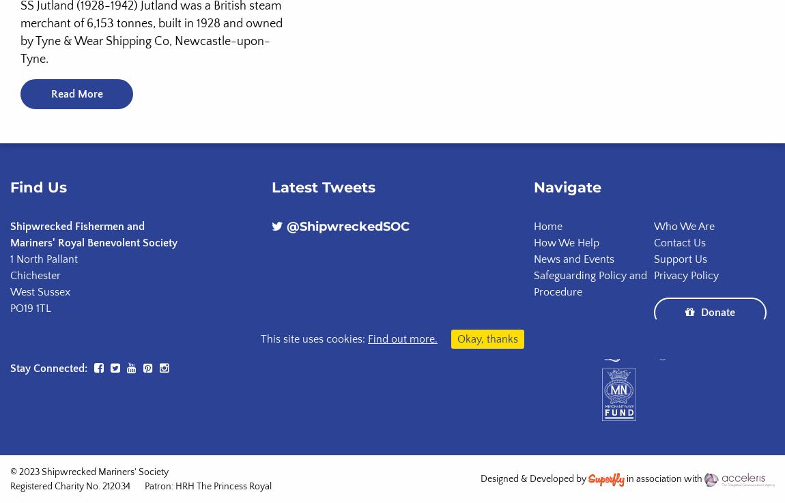  What do you see at coordinates (561, 349) in the screenshot?
I see `'Supported by'` at bounding box center [561, 349].